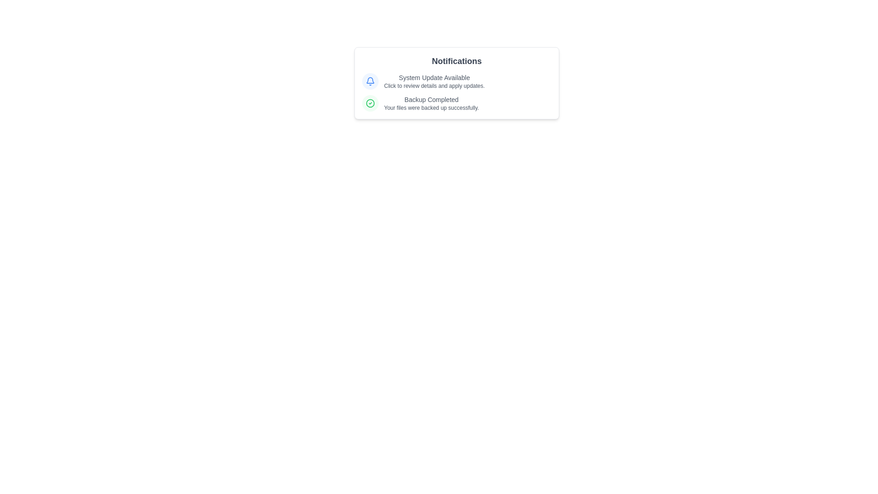 The width and height of the screenshot is (878, 494). I want to click on the text label that says 'Click to review details and apply updates.', which is styled in light gray and positioned directly below the 'System Update Available' text, so click(434, 86).